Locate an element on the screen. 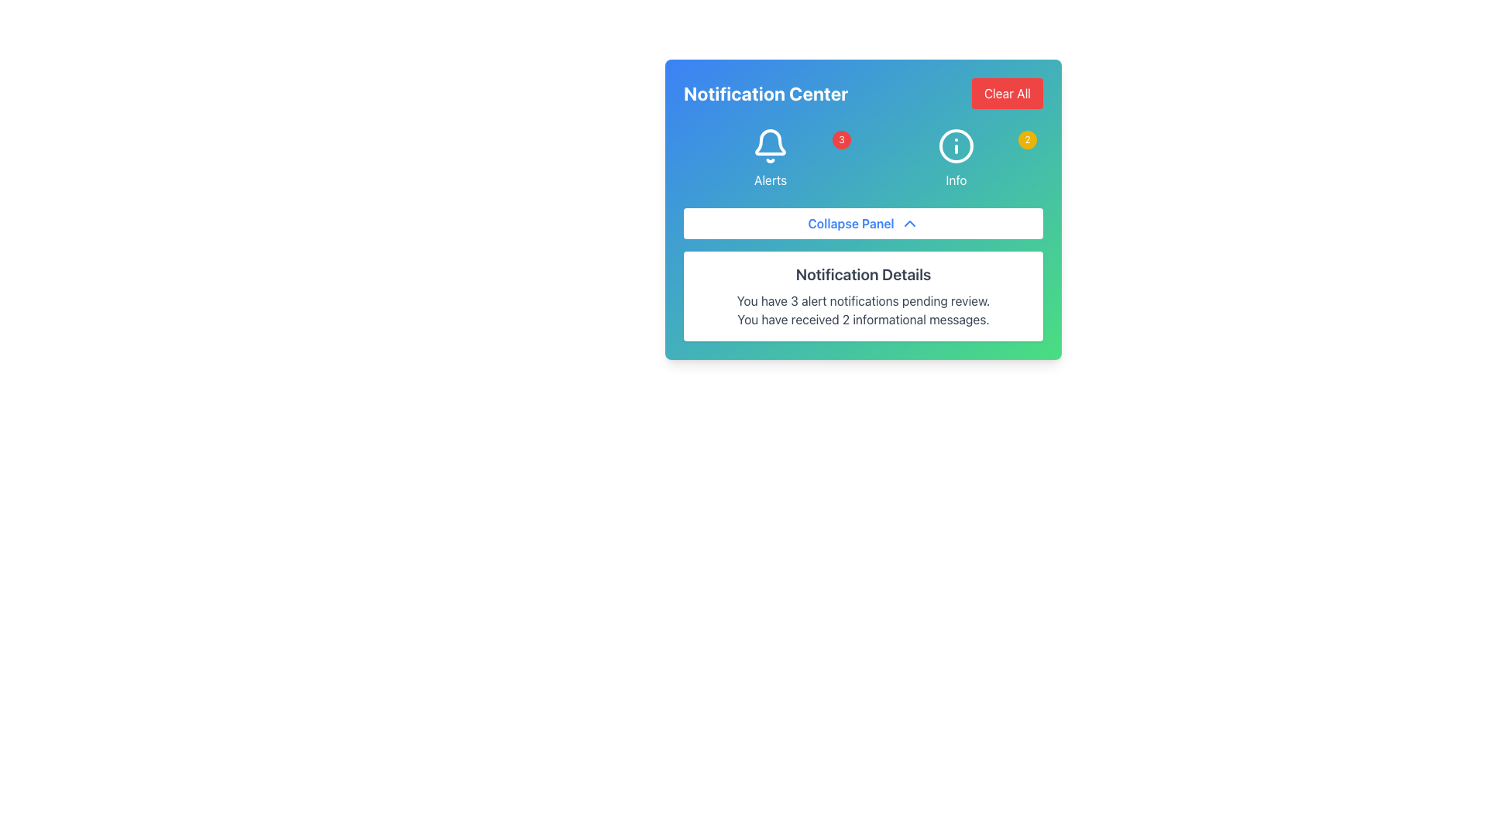 The height and width of the screenshot is (836, 1487). the Notification Badge located in the upper-right corner of the notifications section, which displays the count of unaddressed alerts is located at coordinates (840, 140).